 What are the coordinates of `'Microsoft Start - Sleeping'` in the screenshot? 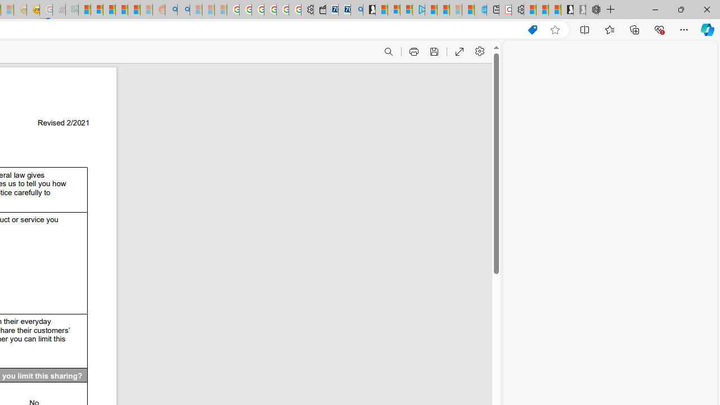 It's located at (456, 10).